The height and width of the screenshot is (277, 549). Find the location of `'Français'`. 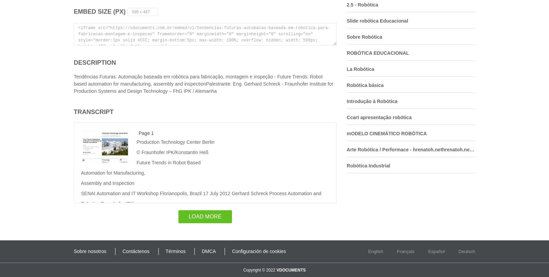

'Français' is located at coordinates (397, 251).